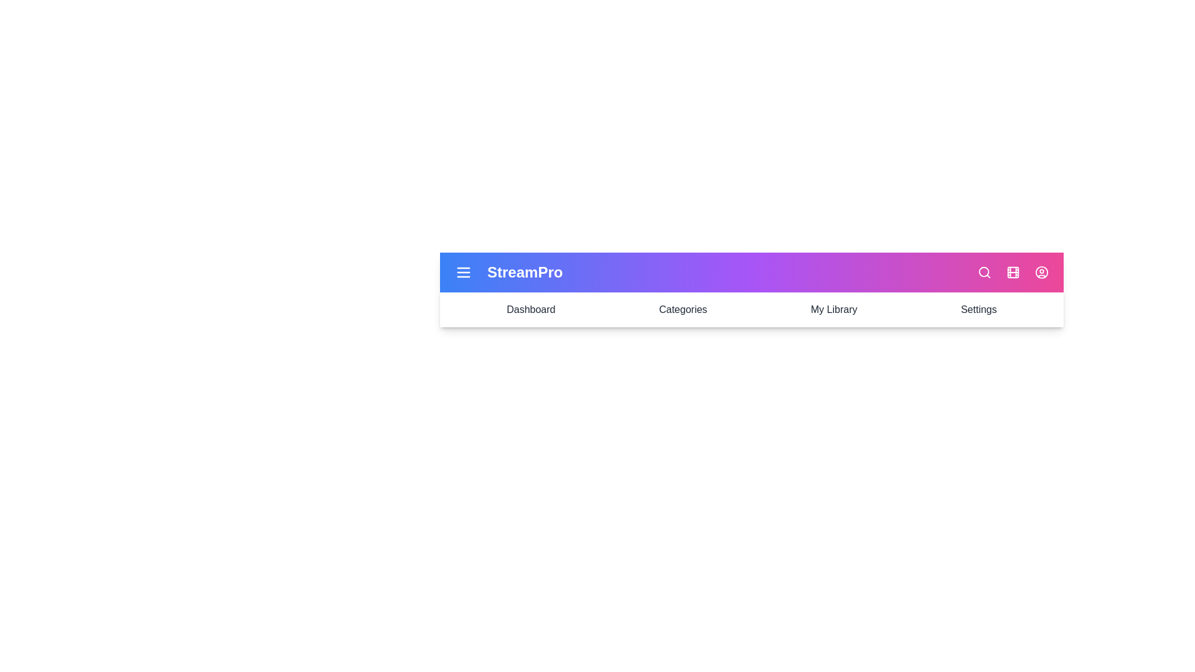 The image size is (1195, 672). What do you see at coordinates (984, 272) in the screenshot?
I see `the interactive element search_icon to observe its hover effect` at bounding box center [984, 272].